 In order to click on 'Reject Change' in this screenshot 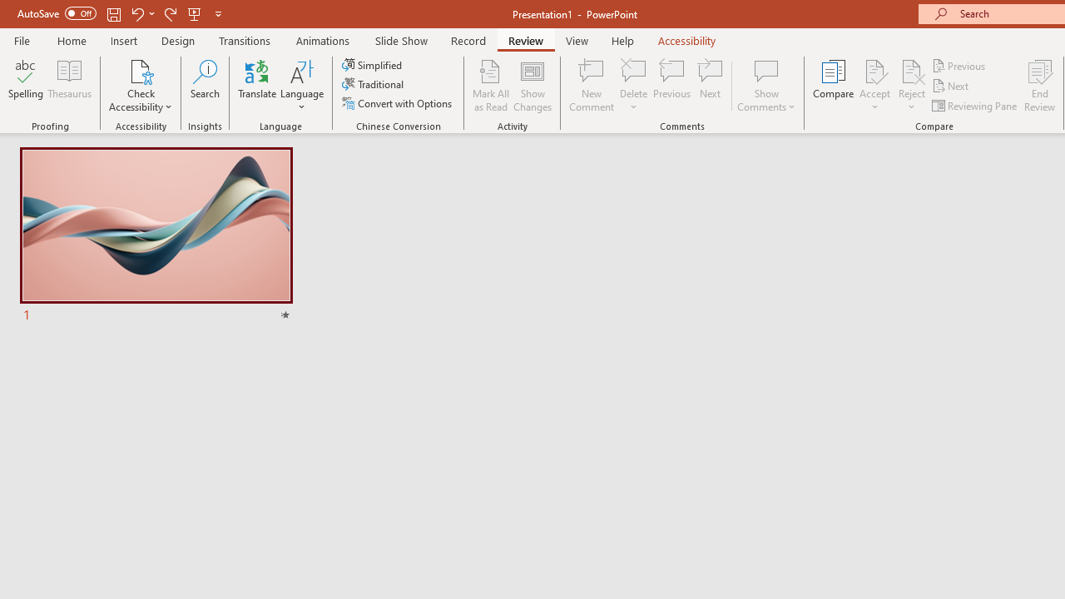, I will do `click(911, 70)`.